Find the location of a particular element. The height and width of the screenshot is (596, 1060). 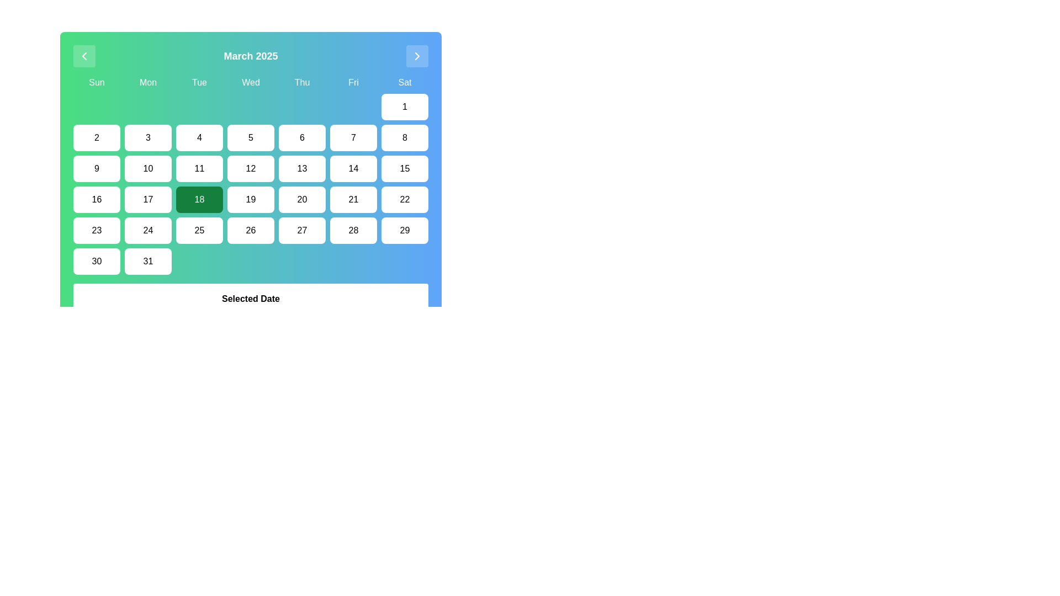

the white rectangular button displaying the number '16' is located at coordinates (97, 200).